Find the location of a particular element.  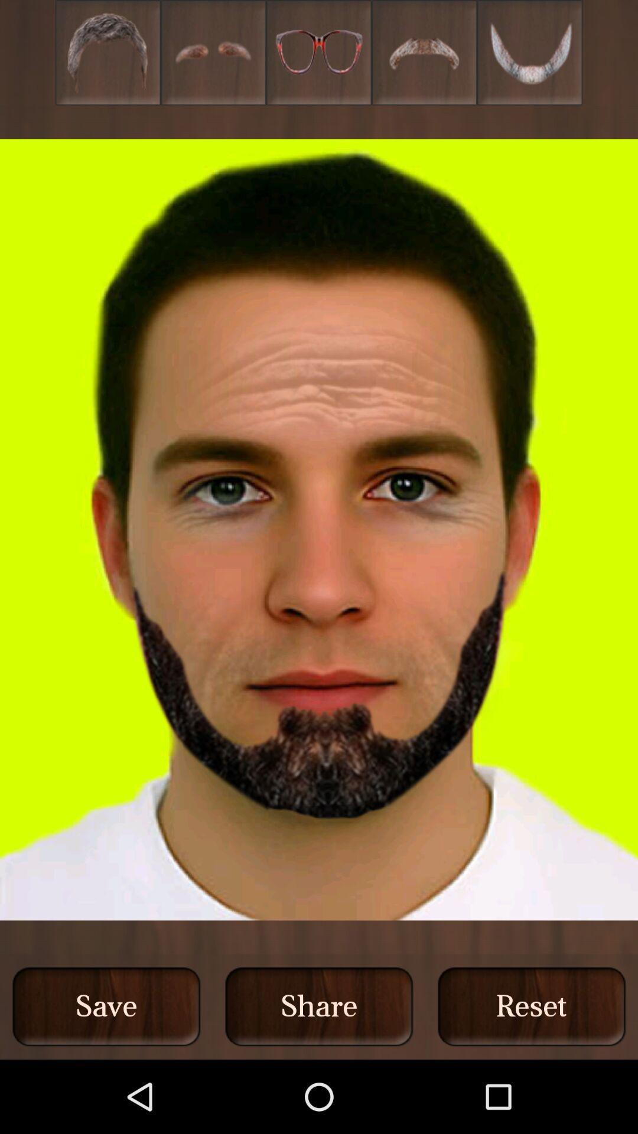

the twitter icon is located at coordinates (529, 56).